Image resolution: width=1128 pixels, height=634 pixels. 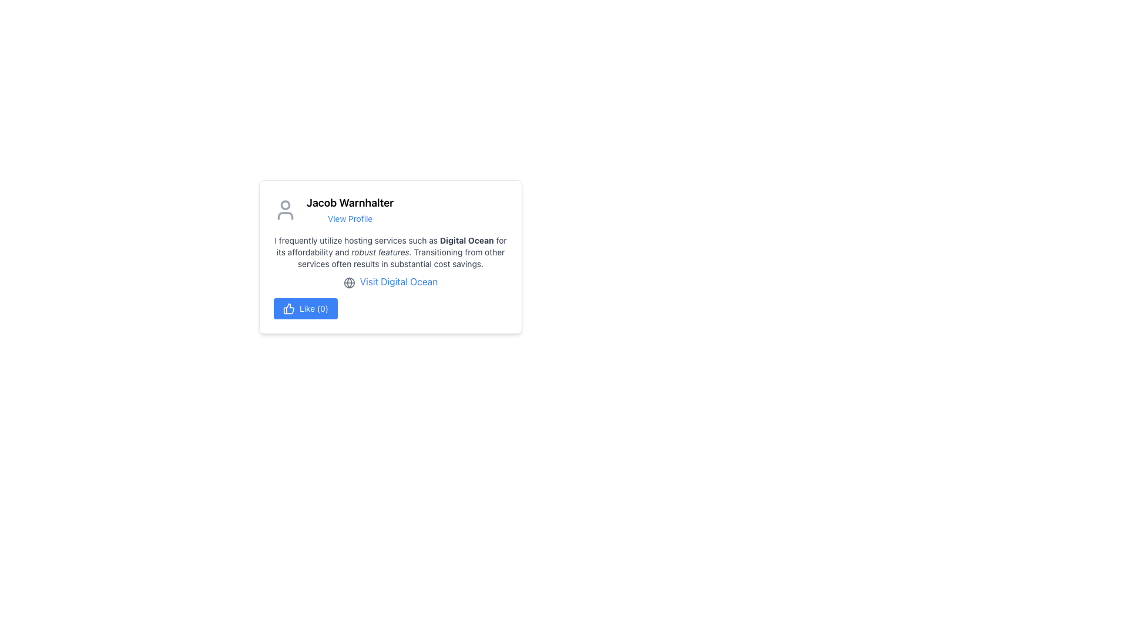 I want to click on the 'Like (0)' text within the blue button that includes a thumbs-up icon, located at the bottom-left corner of a card interface, so click(x=314, y=308).